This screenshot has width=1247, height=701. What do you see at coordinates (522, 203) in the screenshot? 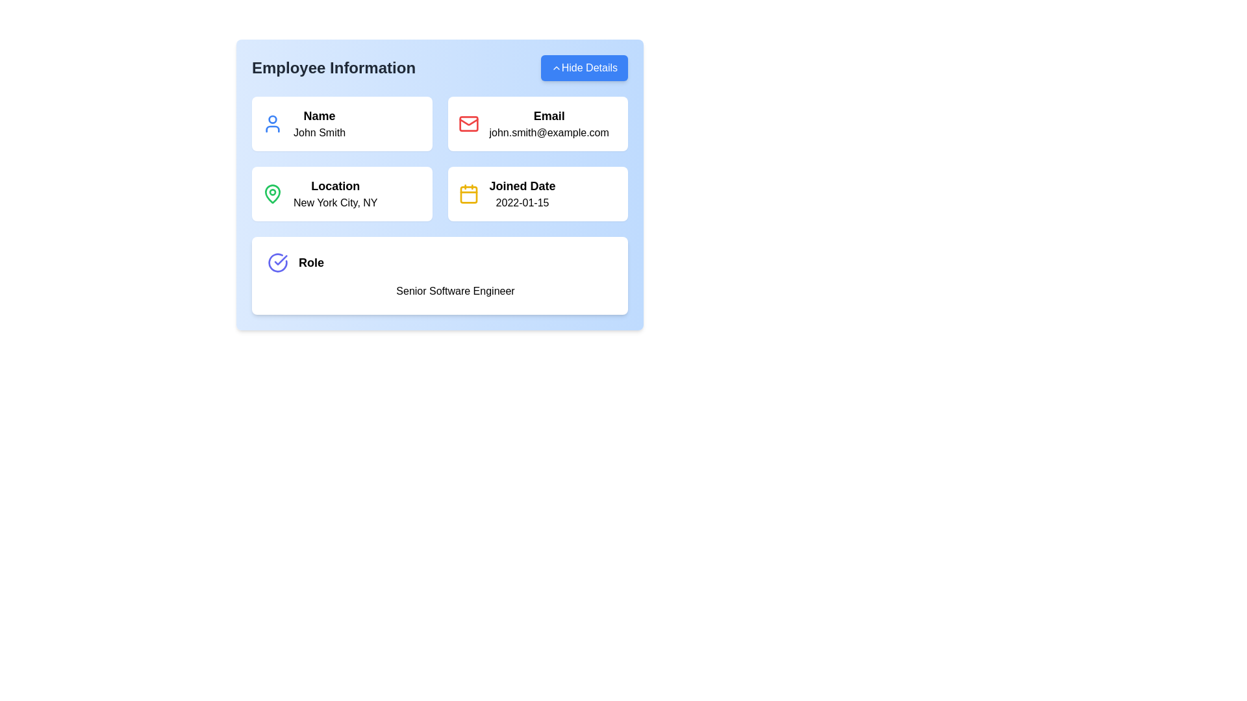
I see `the text label displaying '2022-01-15', which is styled in a bold black font and located beneath the 'Joined Date' caption inside the fourth card of the 'Employee Information' section` at bounding box center [522, 203].